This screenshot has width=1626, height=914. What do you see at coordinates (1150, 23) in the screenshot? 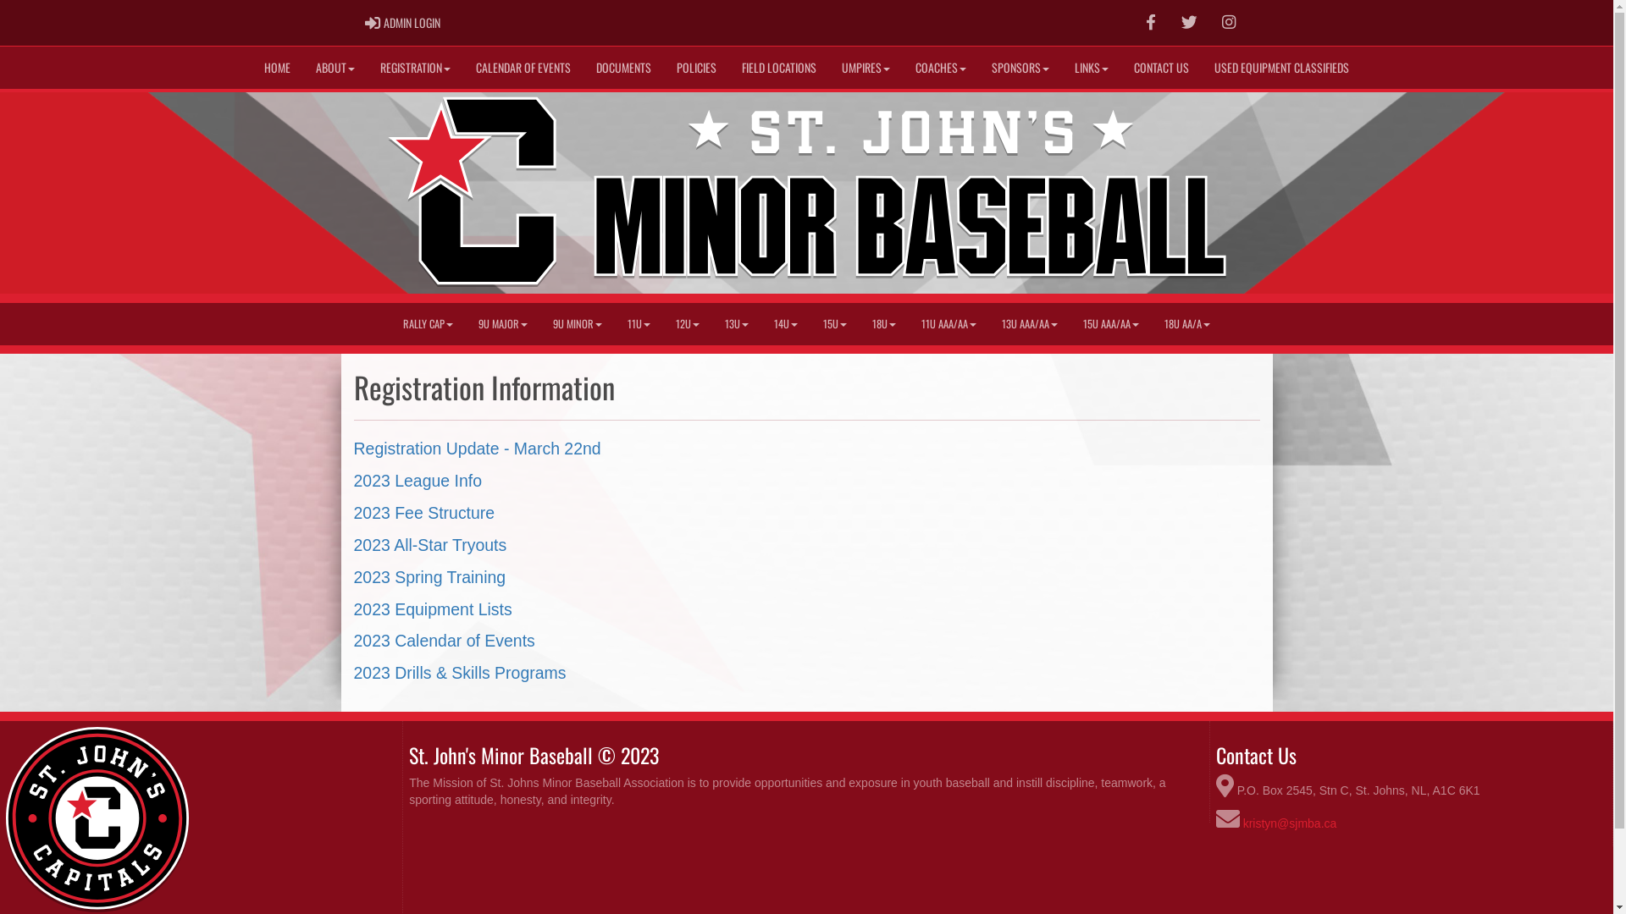
I see `'Facebook'` at bounding box center [1150, 23].